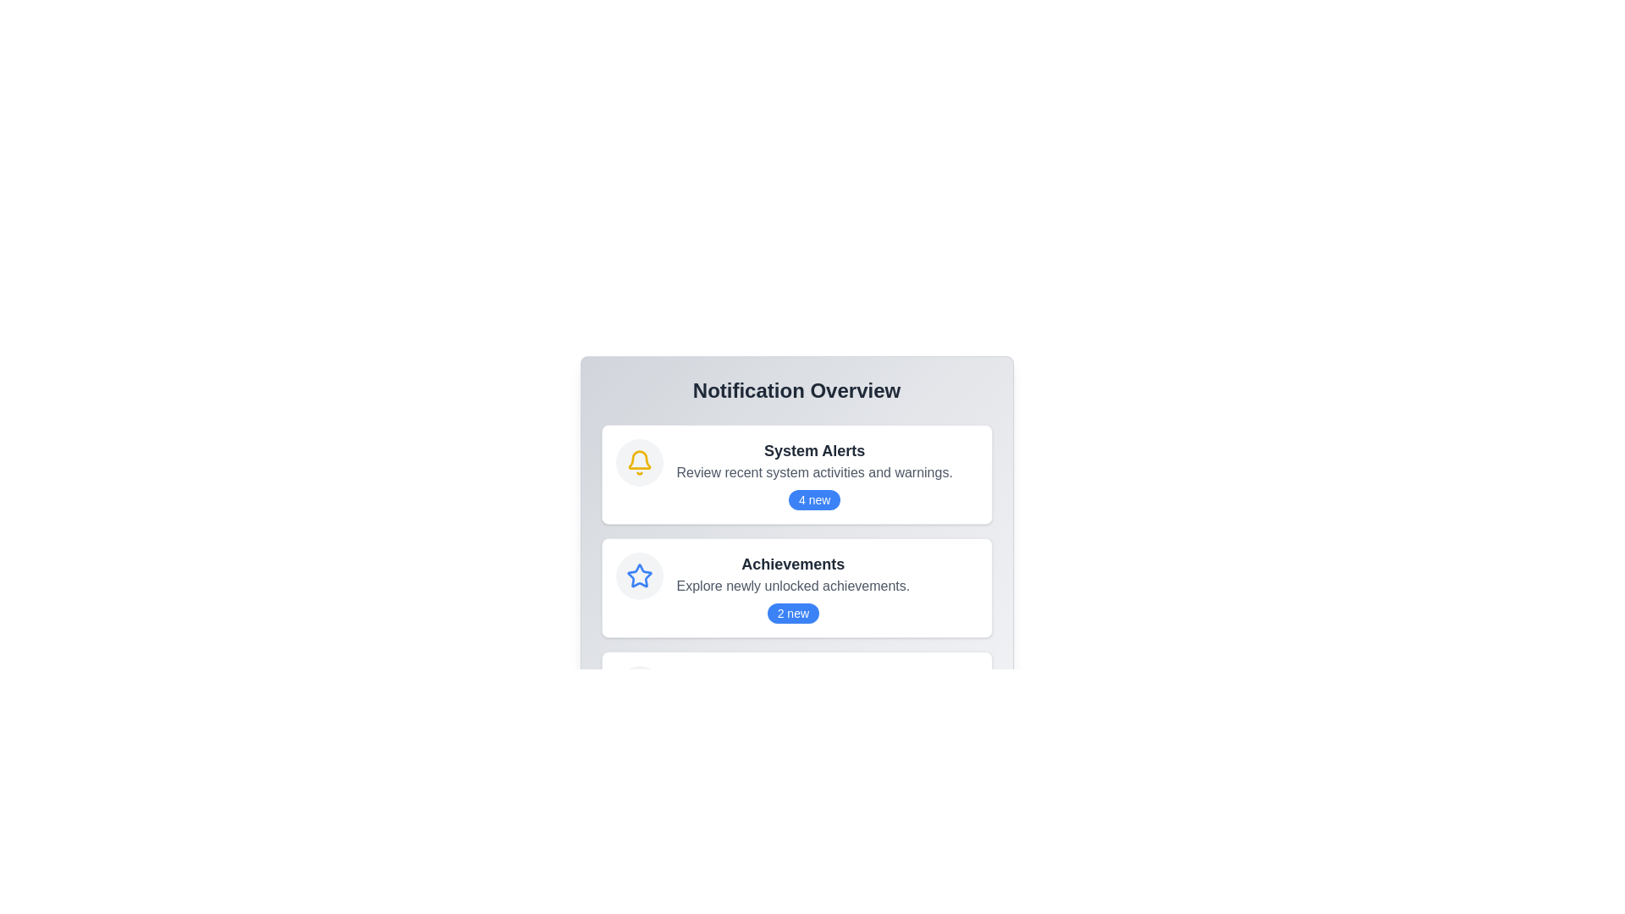 This screenshot has height=914, width=1625. Describe the element at coordinates (638, 575) in the screenshot. I see `the star icon with a blue outer stroke located on the right-hand side of the 'Achievements' section in the notifications list` at that location.